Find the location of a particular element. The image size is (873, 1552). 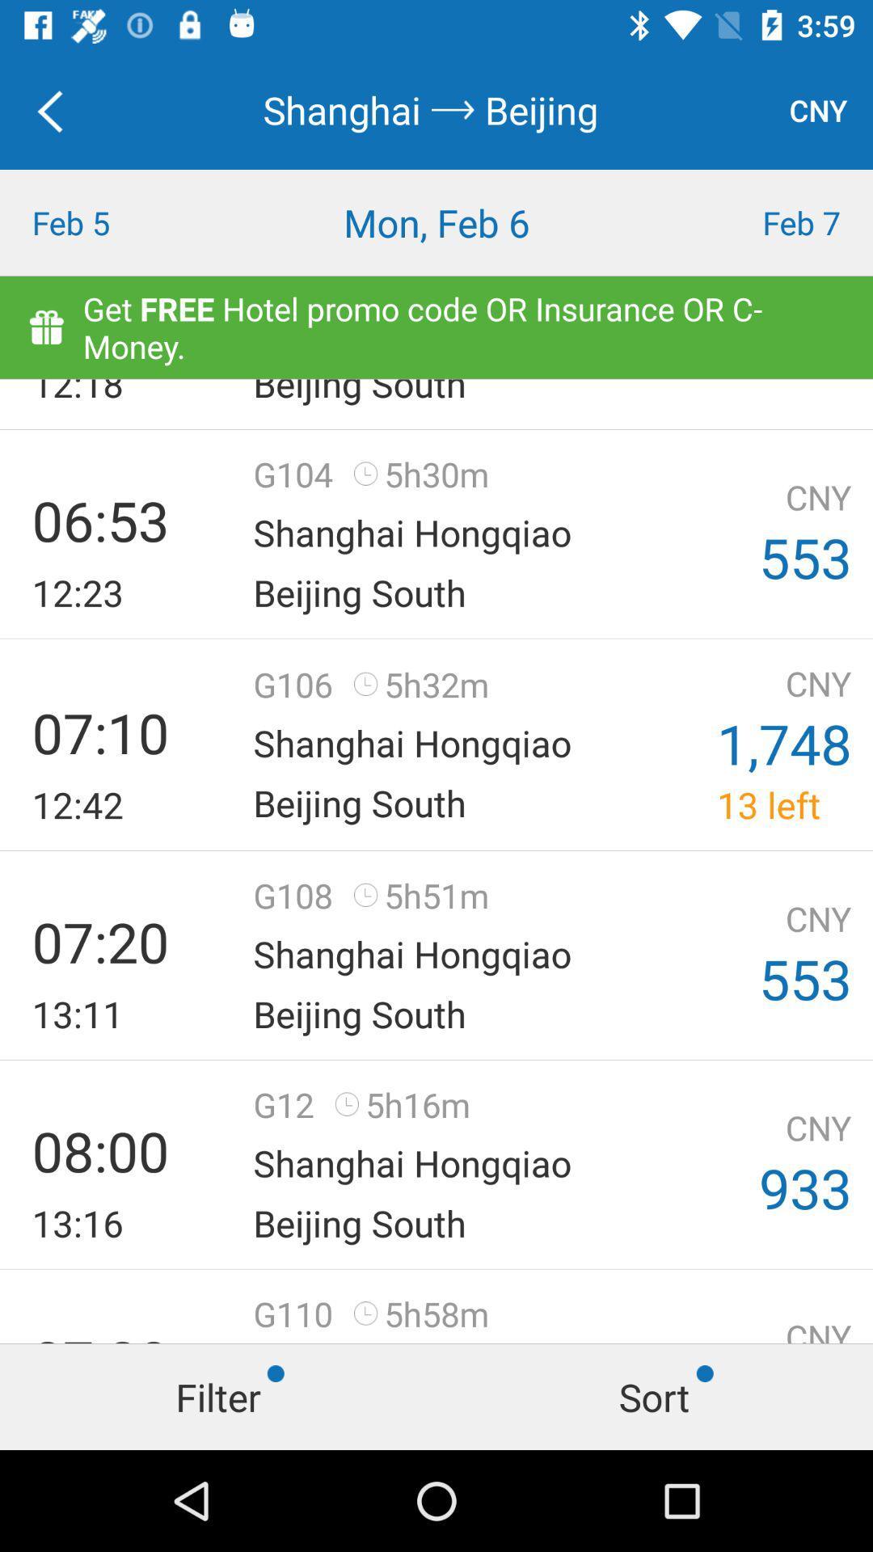

feb 5 is located at coordinates (109, 221).